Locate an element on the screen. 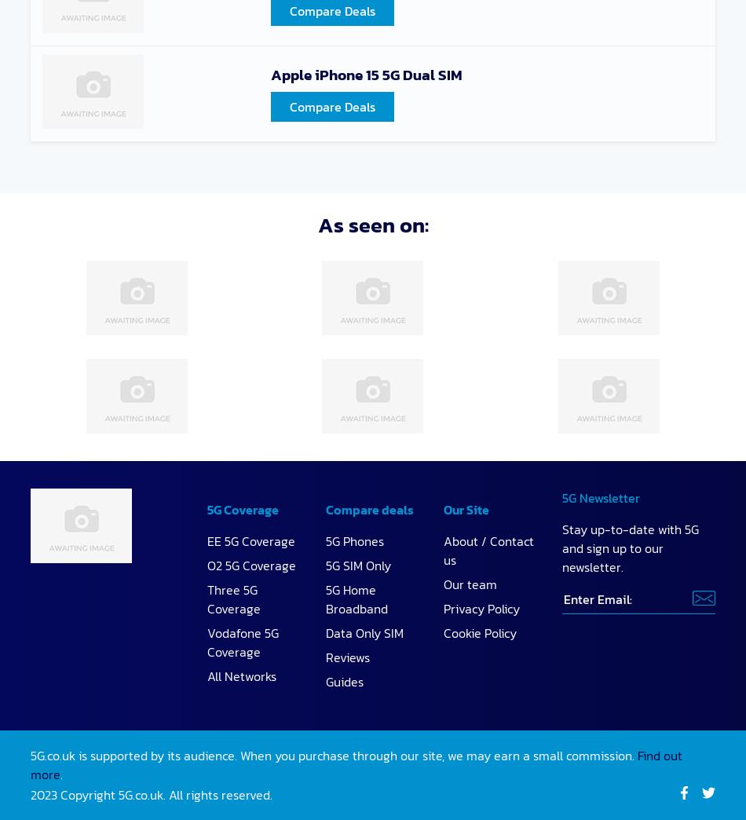 The image size is (746, 820). 'All Networks' is located at coordinates (240, 675).